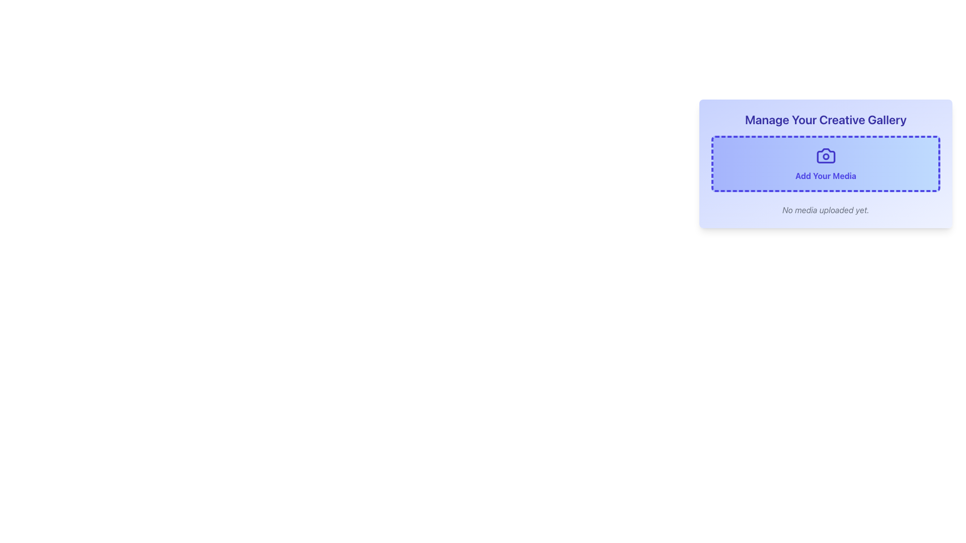 This screenshot has height=543, width=966. I want to click on the concentric circular part within the camera icon in the 'Manage Your Creative Gallery' section, so click(826, 156).